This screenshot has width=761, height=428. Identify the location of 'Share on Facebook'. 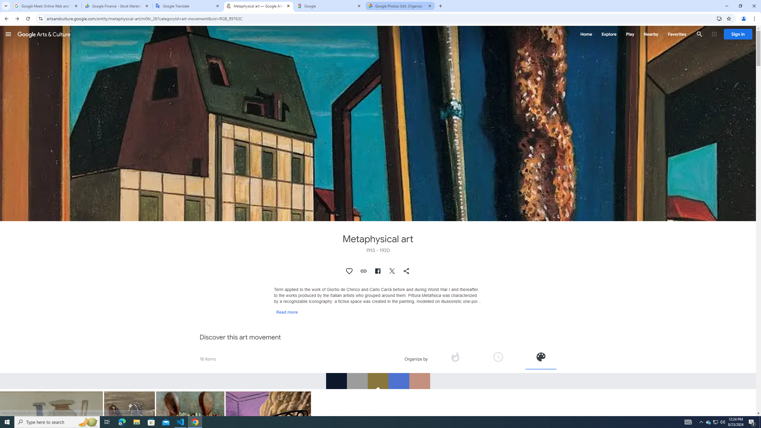
(378, 271).